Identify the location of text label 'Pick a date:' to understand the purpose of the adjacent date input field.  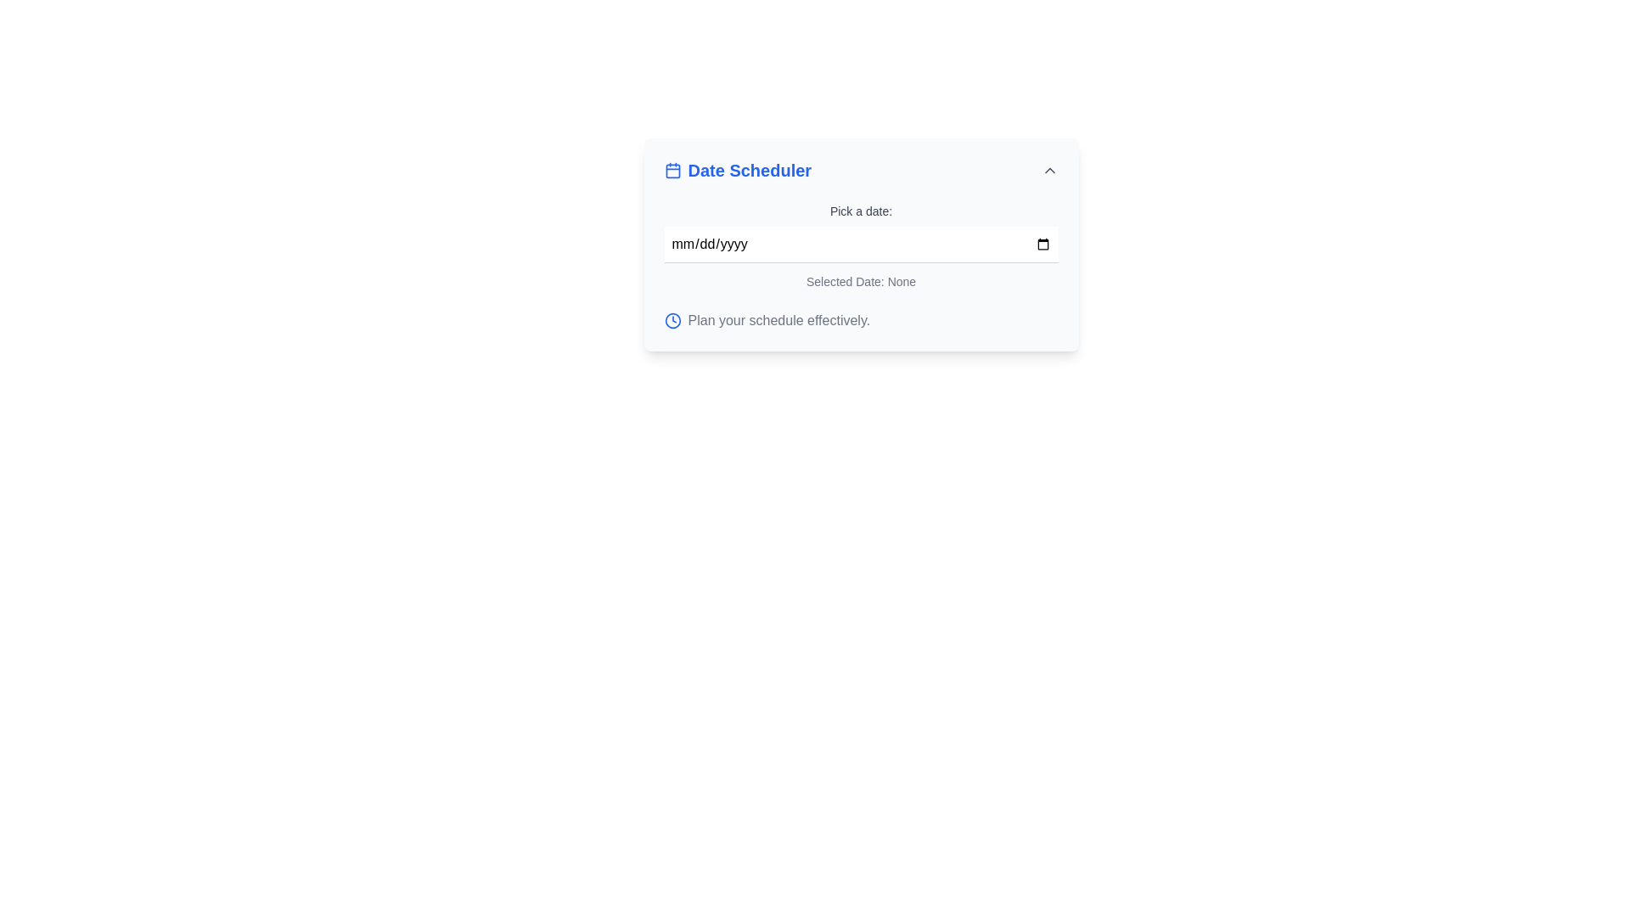
(861, 211).